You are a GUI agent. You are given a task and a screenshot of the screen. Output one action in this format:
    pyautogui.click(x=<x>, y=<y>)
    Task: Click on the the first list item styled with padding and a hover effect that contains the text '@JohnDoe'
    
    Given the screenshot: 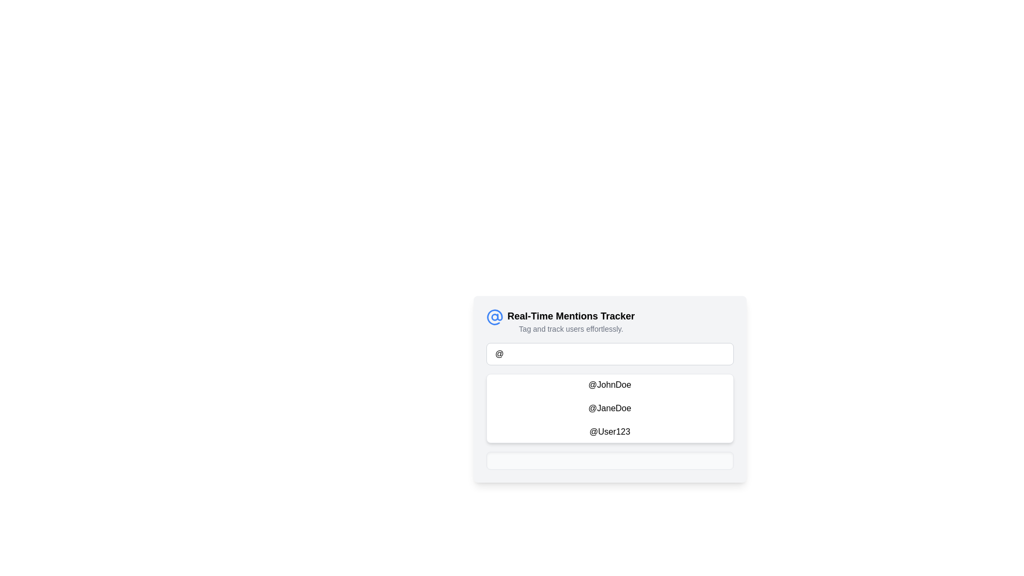 What is the action you would take?
    pyautogui.click(x=610, y=385)
    